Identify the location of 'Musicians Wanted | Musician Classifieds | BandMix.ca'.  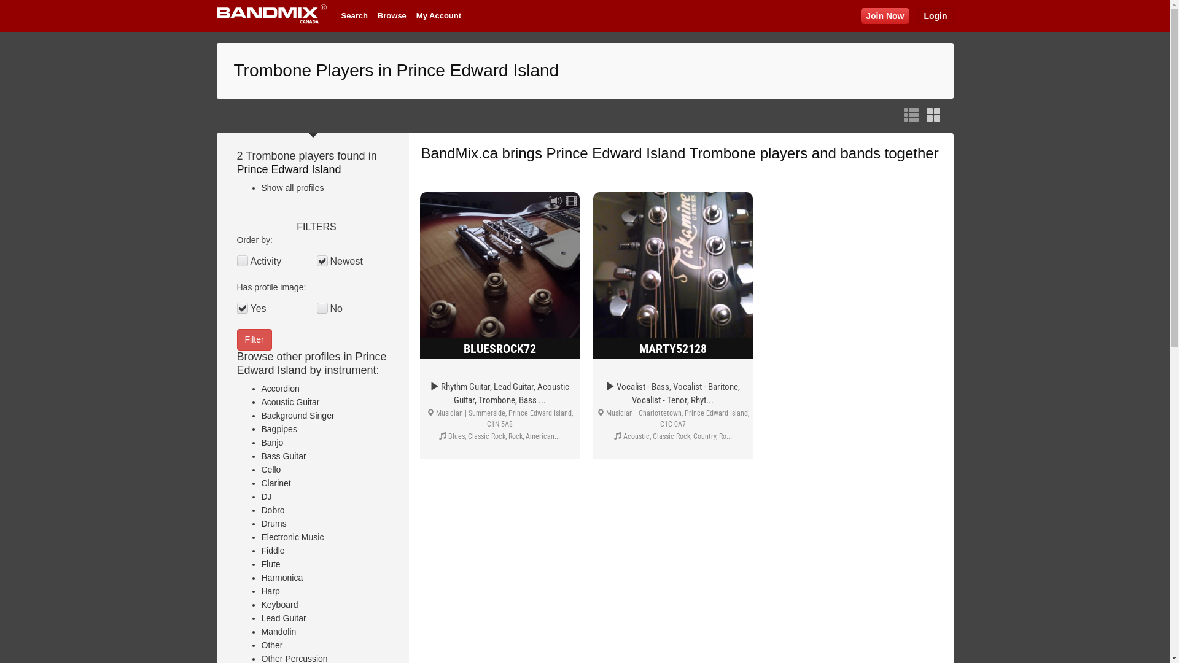
(270, 16).